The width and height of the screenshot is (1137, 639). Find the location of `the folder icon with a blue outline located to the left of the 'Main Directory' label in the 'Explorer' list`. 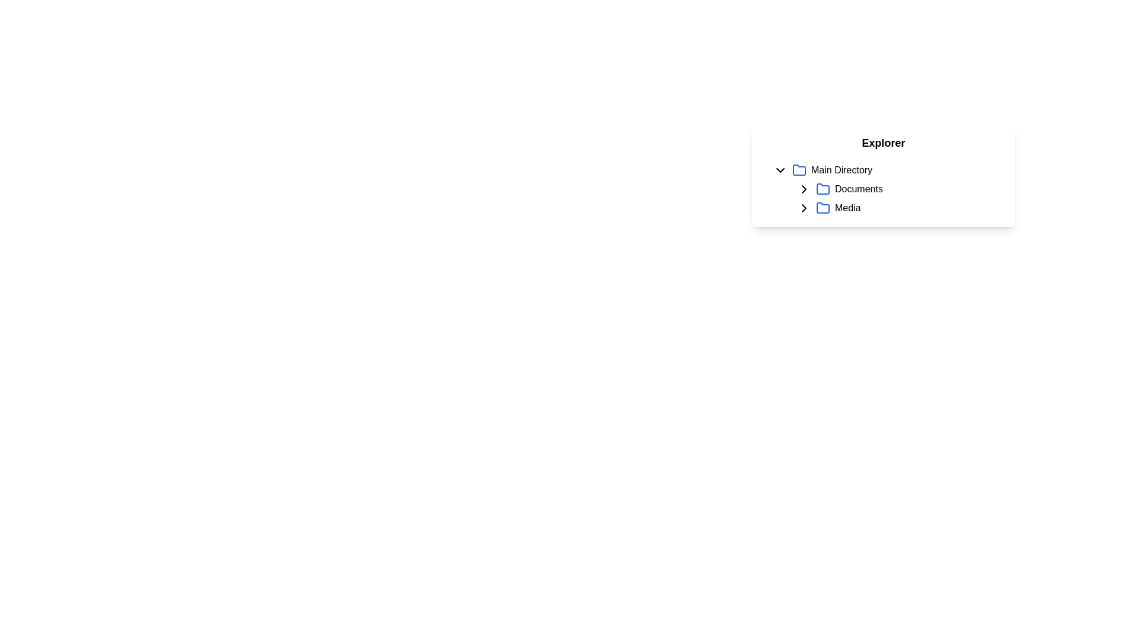

the folder icon with a blue outline located to the left of the 'Main Directory' label in the 'Explorer' list is located at coordinates (799, 170).